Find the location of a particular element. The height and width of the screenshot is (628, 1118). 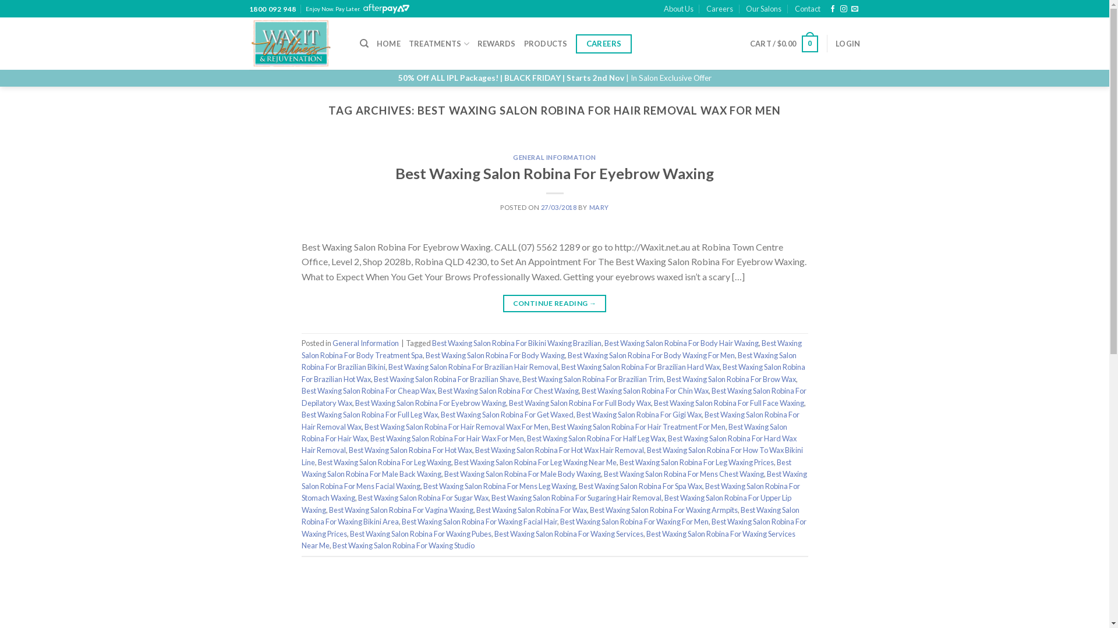

'Best Waxing Salon Robina For Chest Waxing' is located at coordinates (508, 390).